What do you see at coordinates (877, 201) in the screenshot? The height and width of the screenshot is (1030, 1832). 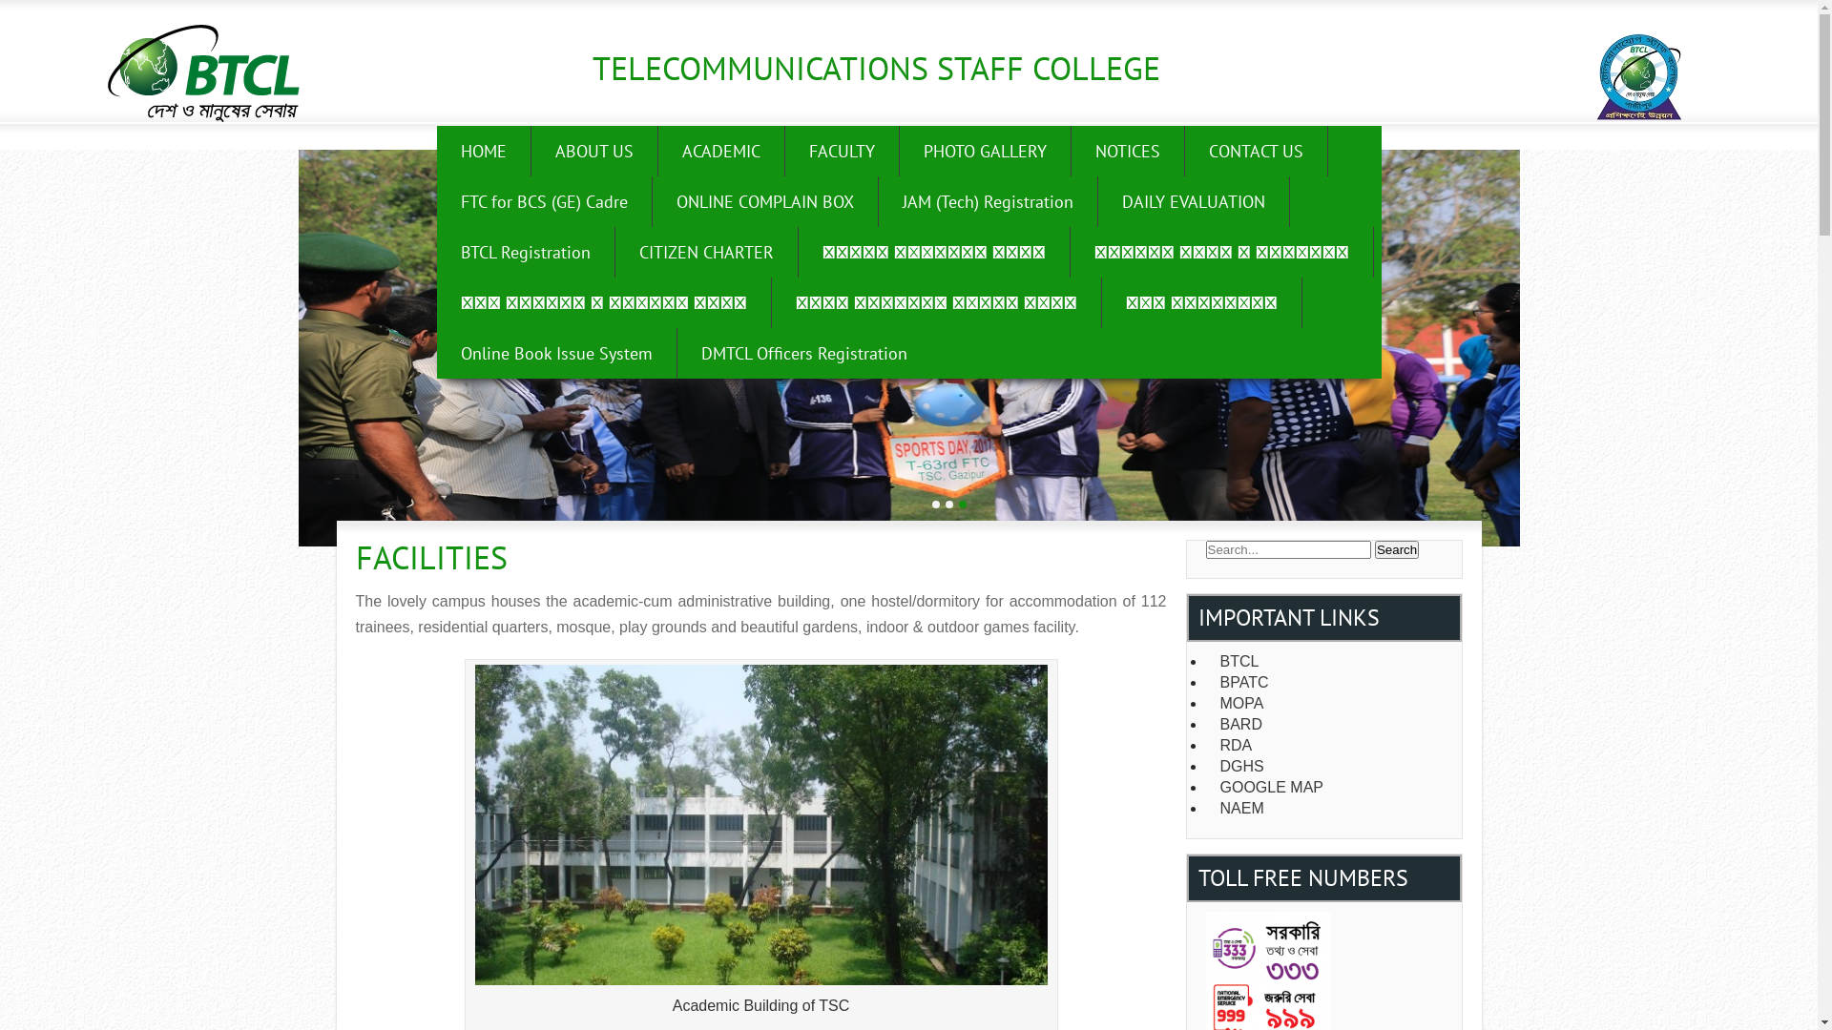 I see `'JAM (Tech) Registration'` at bounding box center [877, 201].